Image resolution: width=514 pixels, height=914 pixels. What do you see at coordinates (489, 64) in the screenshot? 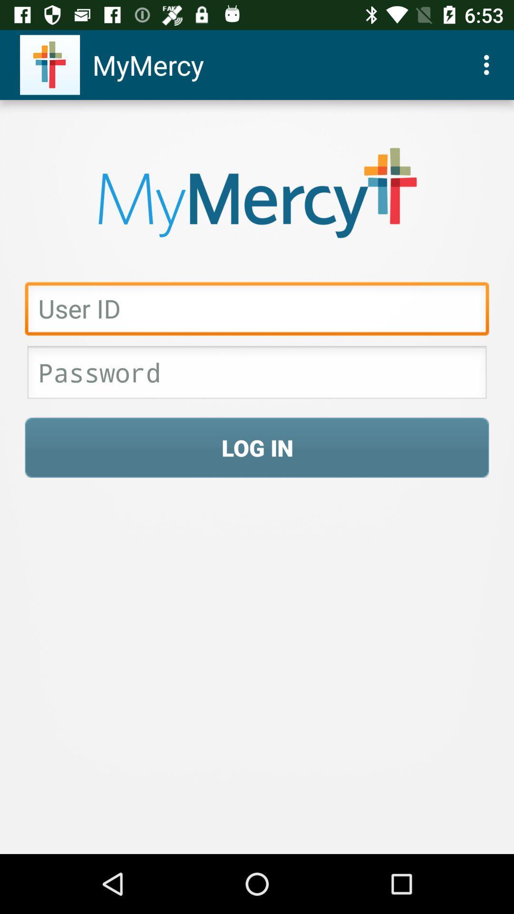
I see `the item to the right of mymercy item` at bounding box center [489, 64].